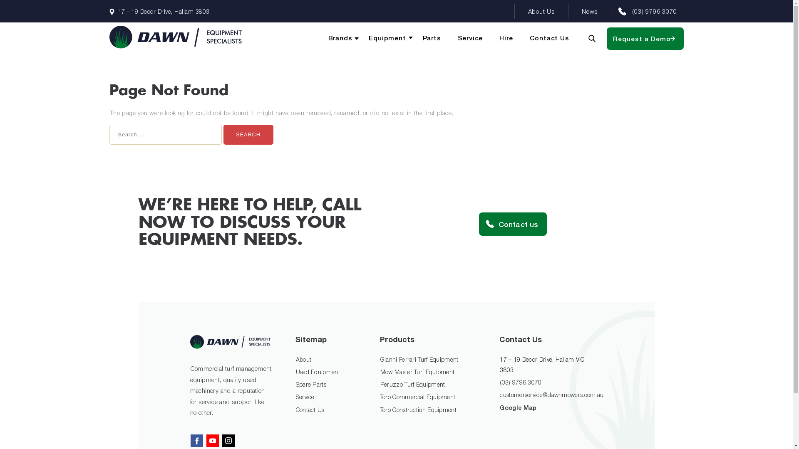 This screenshot has height=449, width=799. What do you see at coordinates (413, 384) in the screenshot?
I see `'Peruzzo Turf Equipment'` at bounding box center [413, 384].